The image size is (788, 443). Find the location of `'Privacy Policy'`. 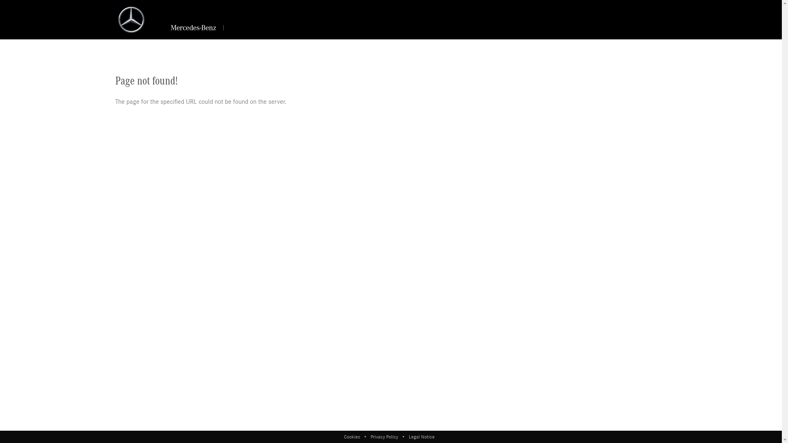

'Privacy Policy' is located at coordinates (384, 436).